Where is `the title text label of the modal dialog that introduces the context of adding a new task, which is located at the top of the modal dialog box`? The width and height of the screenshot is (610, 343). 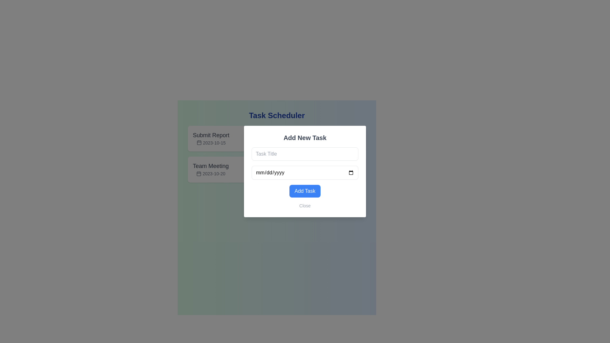
the title text label of the modal dialog that introduces the context of adding a new task, which is located at the top of the modal dialog box is located at coordinates (305, 138).